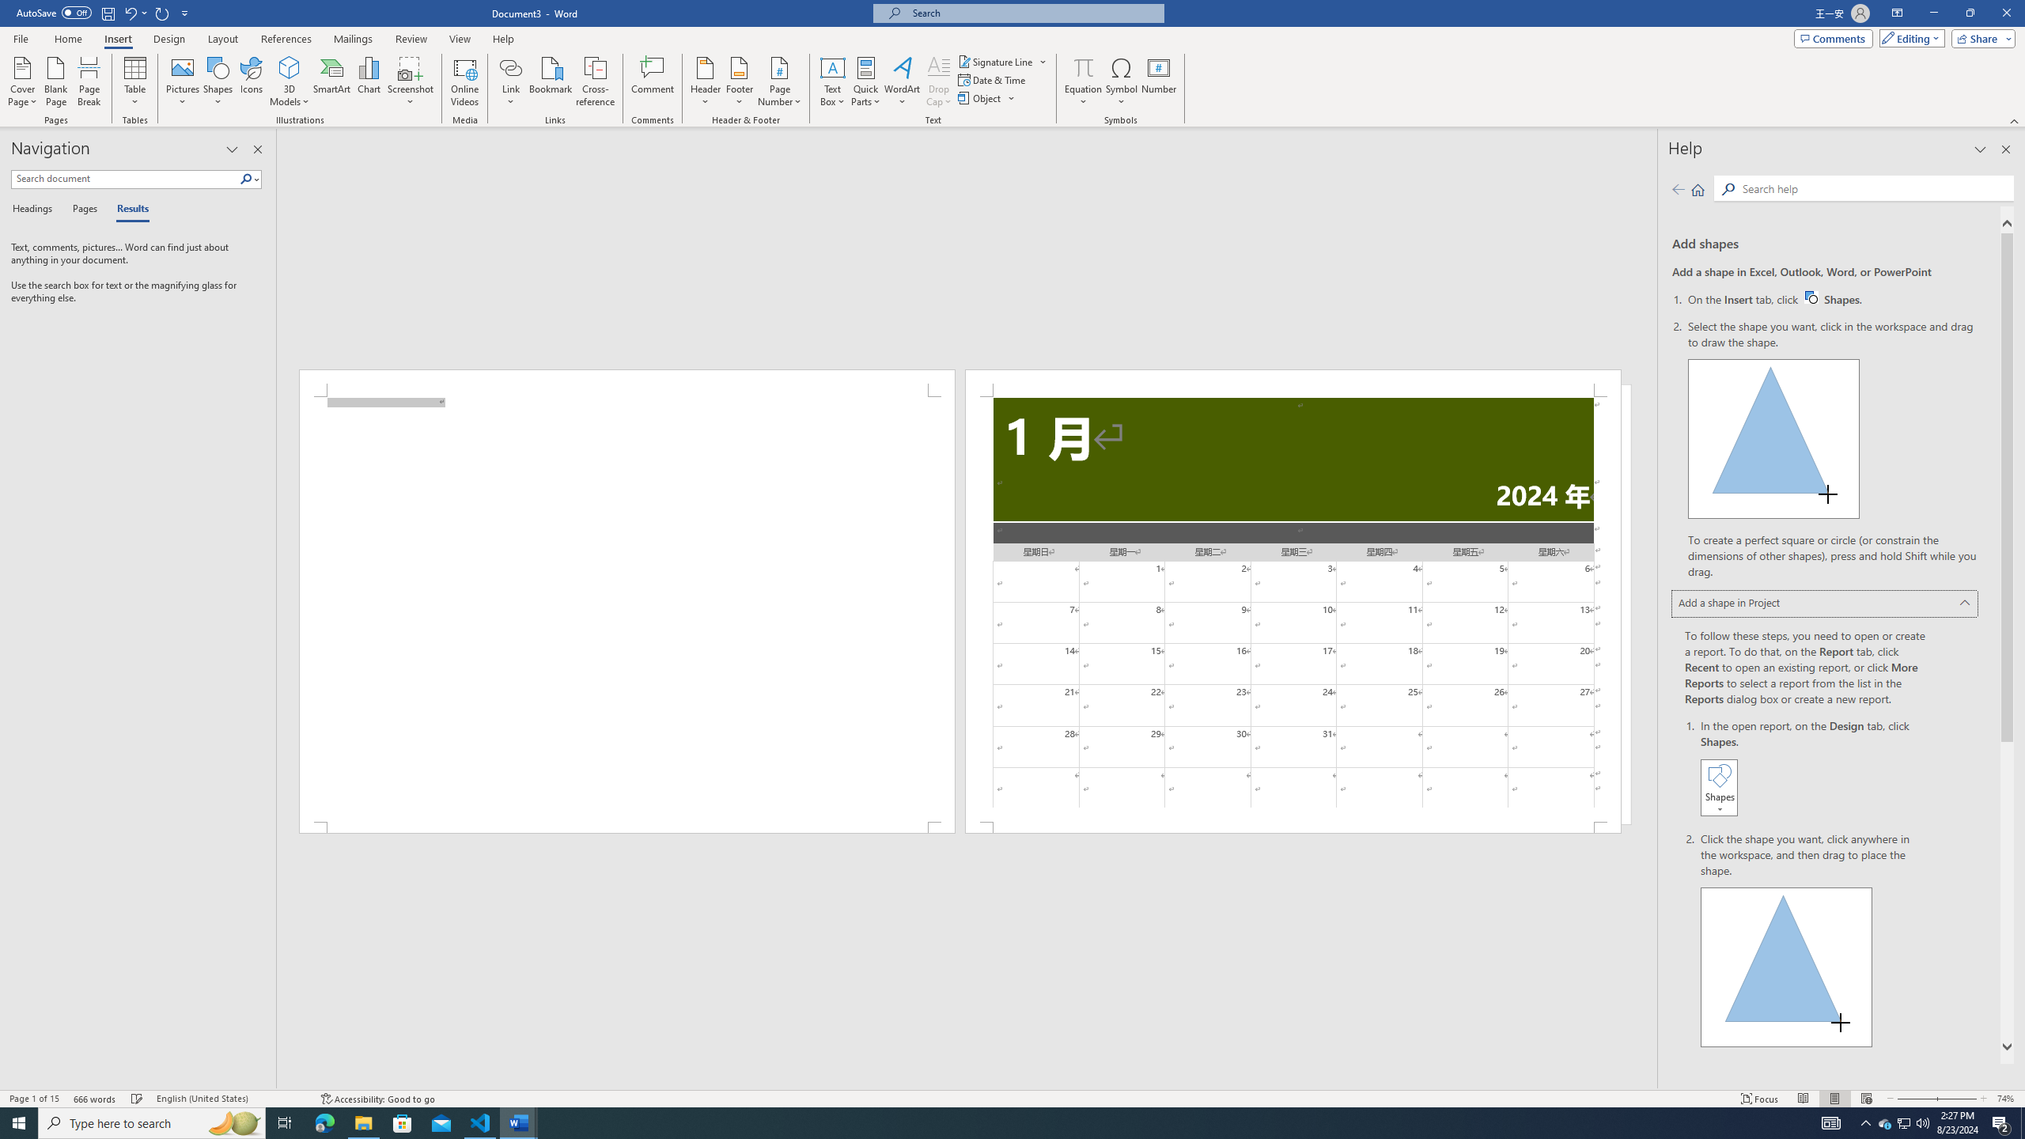 The height and width of the screenshot is (1139, 2025). I want to click on 'Drop Cap', so click(938, 81).